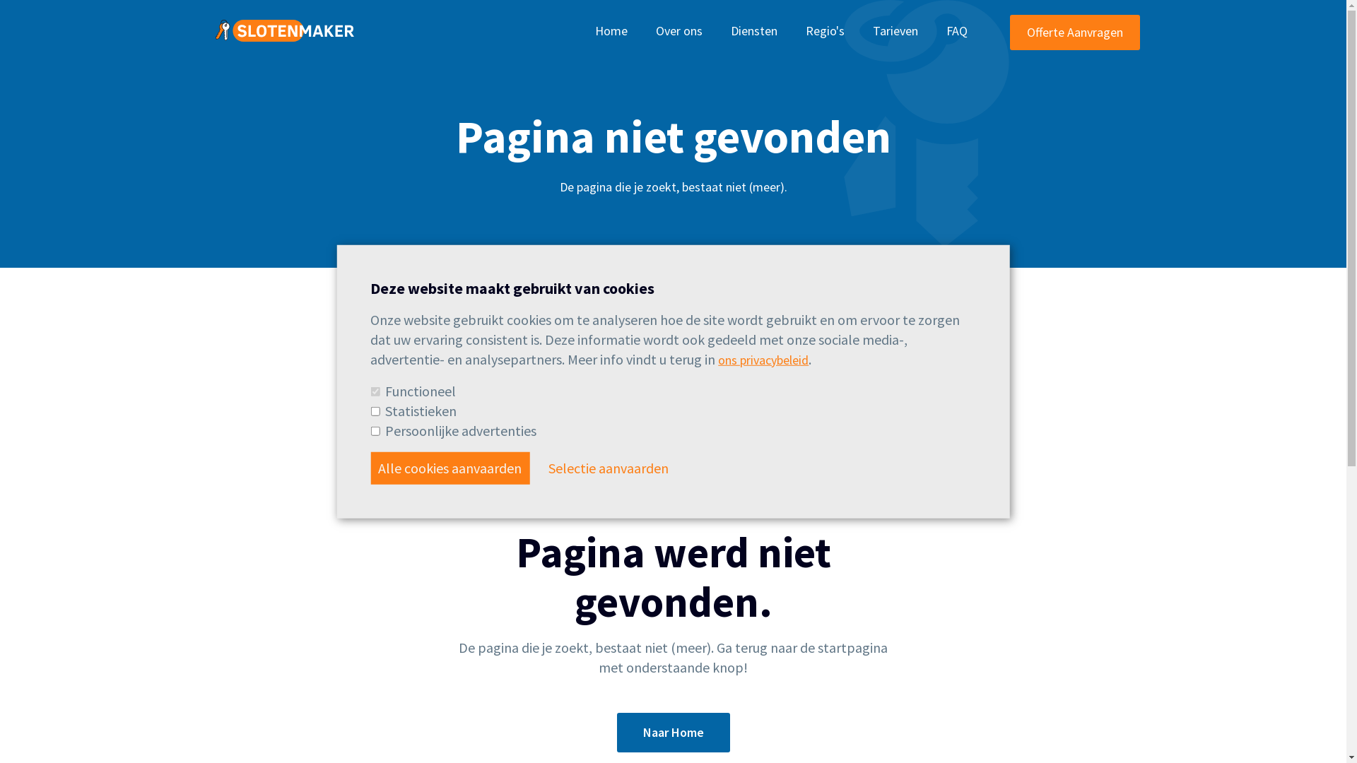  I want to click on 'Regio's', so click(825, 30).